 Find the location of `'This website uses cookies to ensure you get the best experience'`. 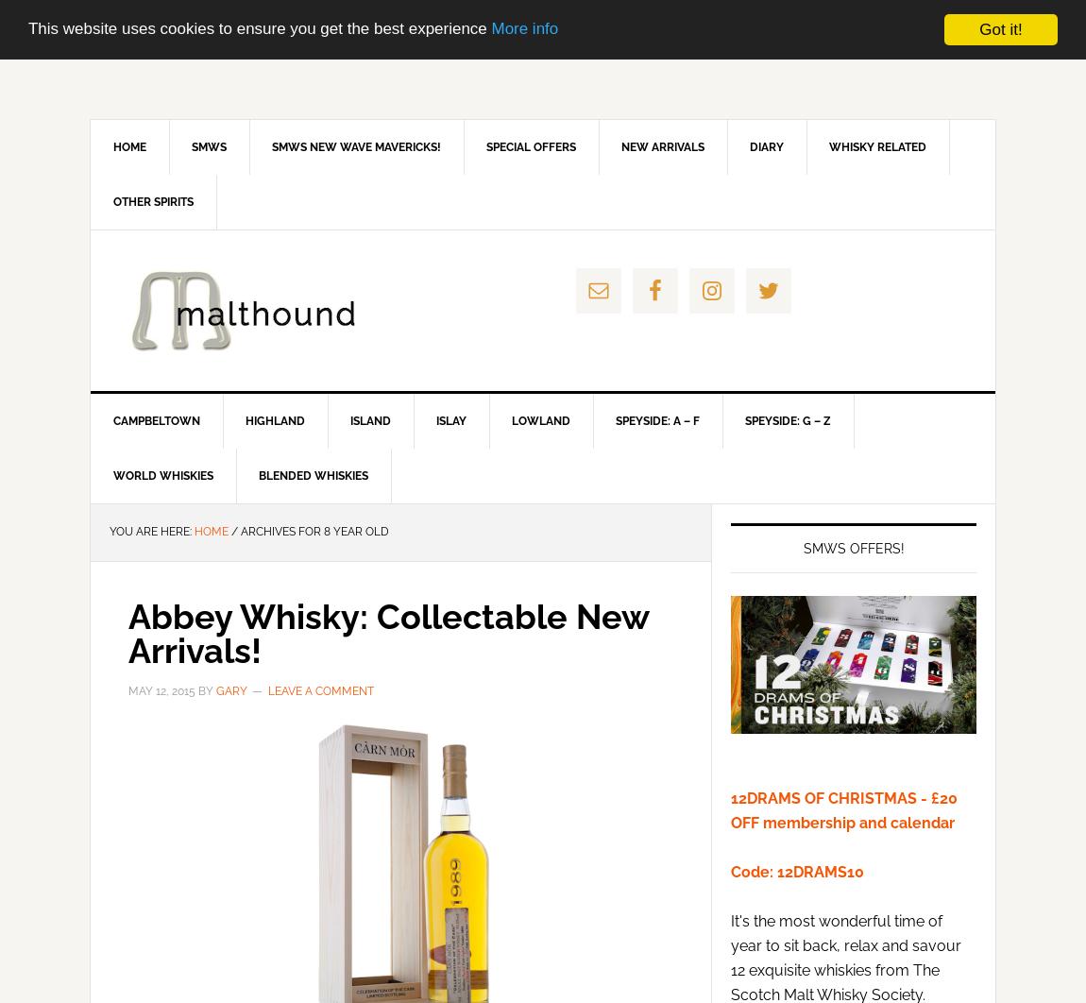

'This website uses cookies to ensure you get the best experience' is located at coordinates (259, 29).